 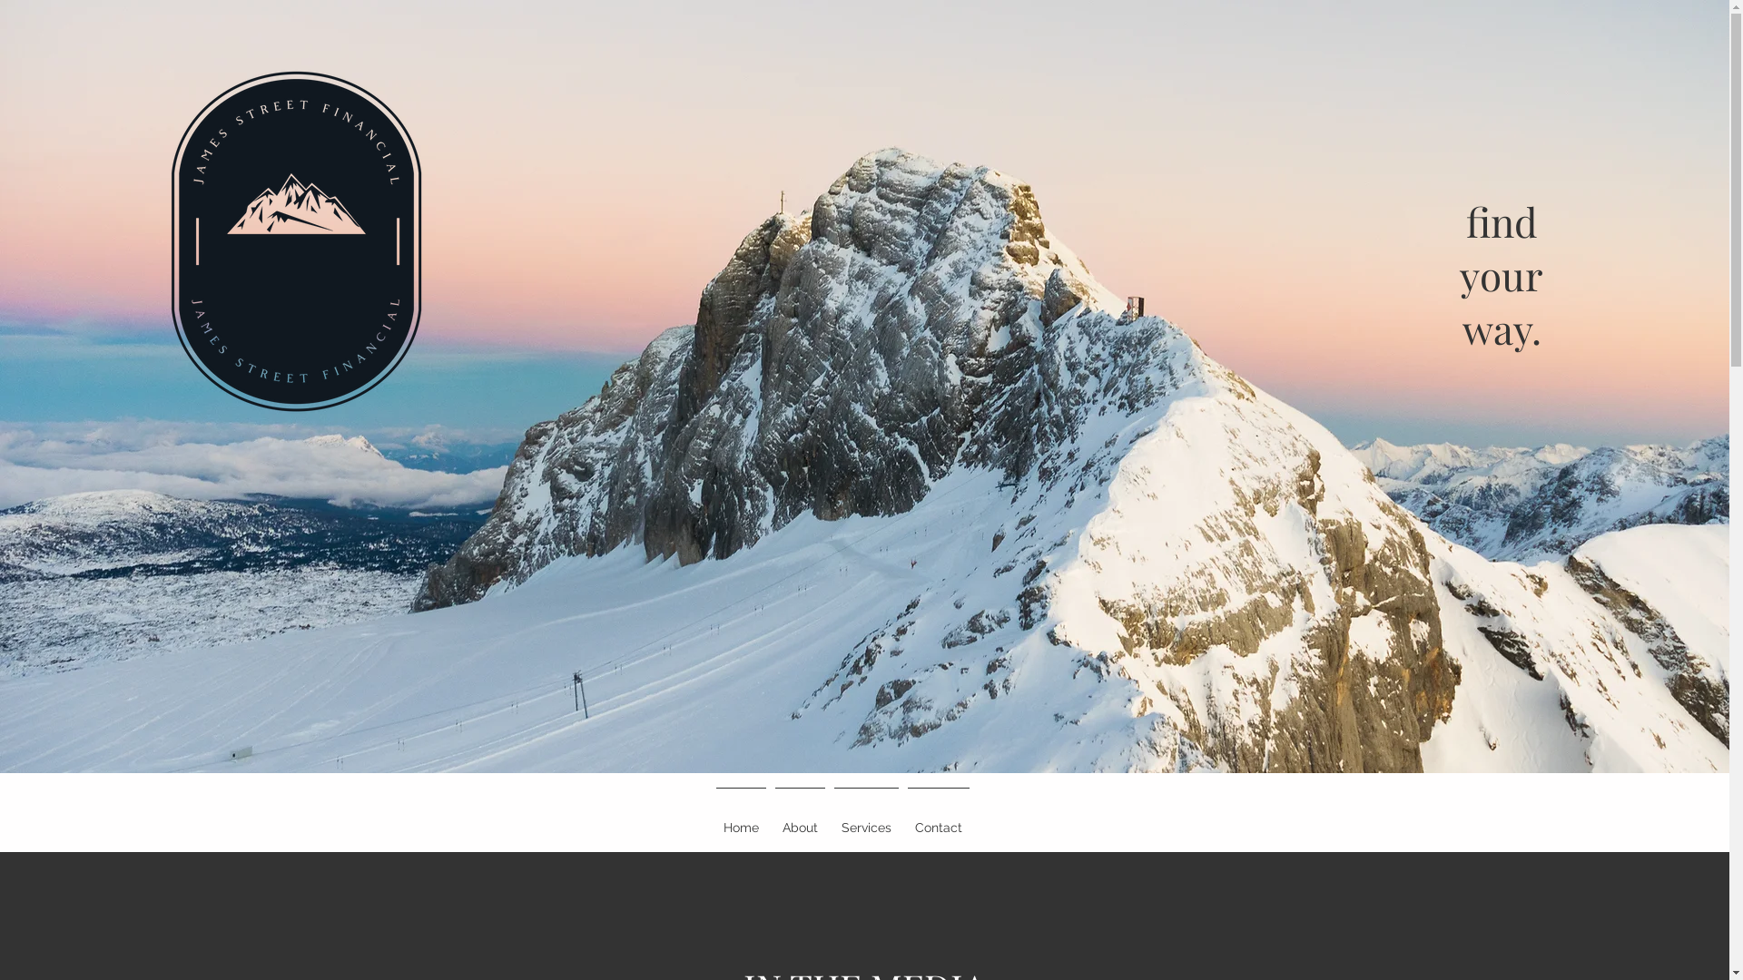 I want to click on 'Services', so click(x=828, y=819).